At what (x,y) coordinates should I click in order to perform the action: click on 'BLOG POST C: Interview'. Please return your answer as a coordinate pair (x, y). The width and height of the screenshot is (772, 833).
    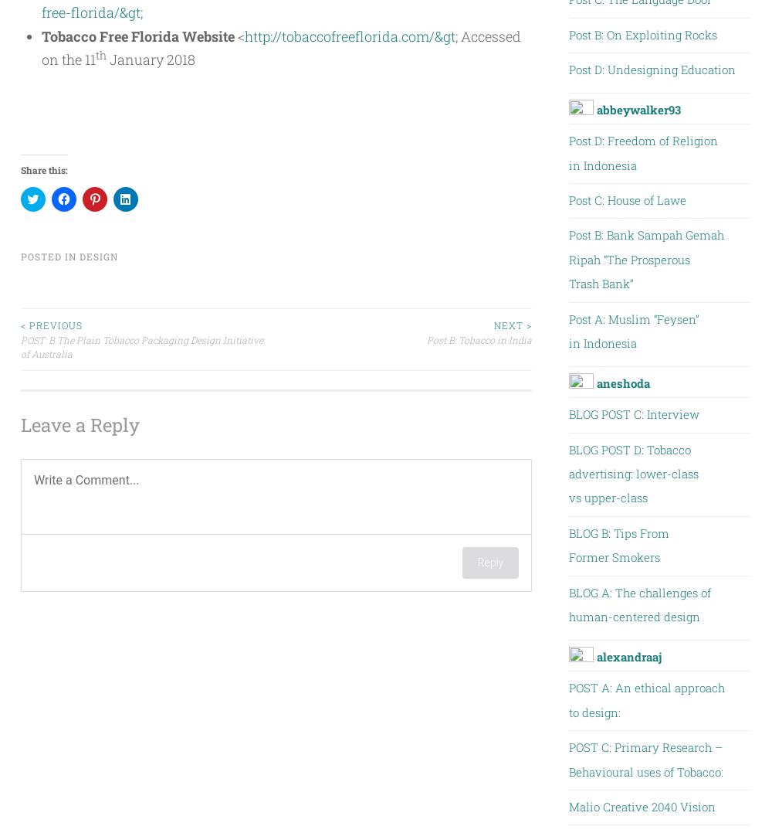
    Looking at the image, I should click on (632, 413).